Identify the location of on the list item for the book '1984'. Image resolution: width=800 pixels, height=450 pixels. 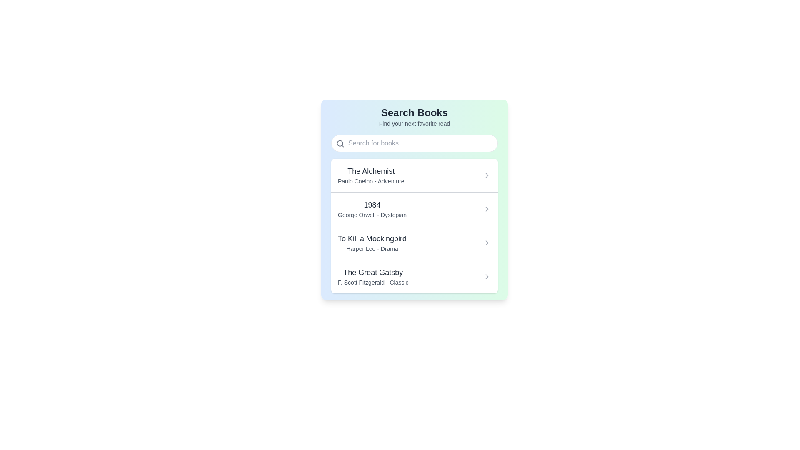
(414, 208).